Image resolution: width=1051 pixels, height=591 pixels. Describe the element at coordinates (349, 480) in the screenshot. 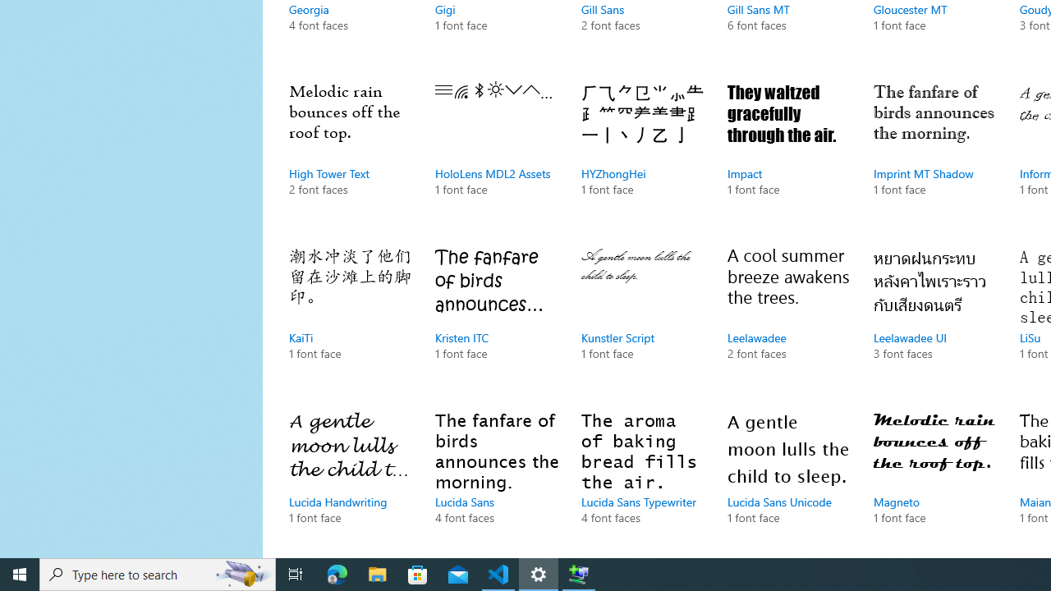

I see `'Lucida Handwriting, 1 font face'` at that location.